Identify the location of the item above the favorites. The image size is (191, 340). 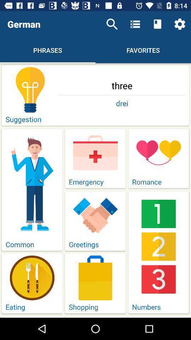
(135, 24).